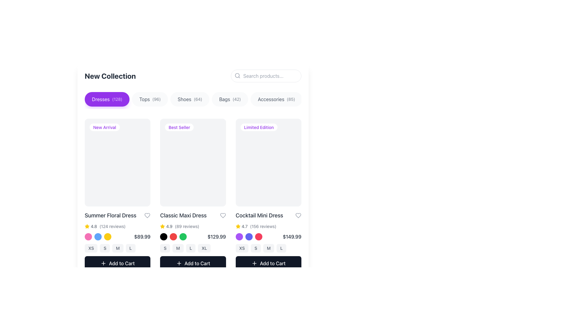 Image resolution: width=581 pixels, height=327 pixels. Describe the element at coordinates (187, 226) in the screenshot. I see `the text label displaying '(89 reviews)', which is styled in gray and located to the right of the rating '4.9' and the star icon` at that location.